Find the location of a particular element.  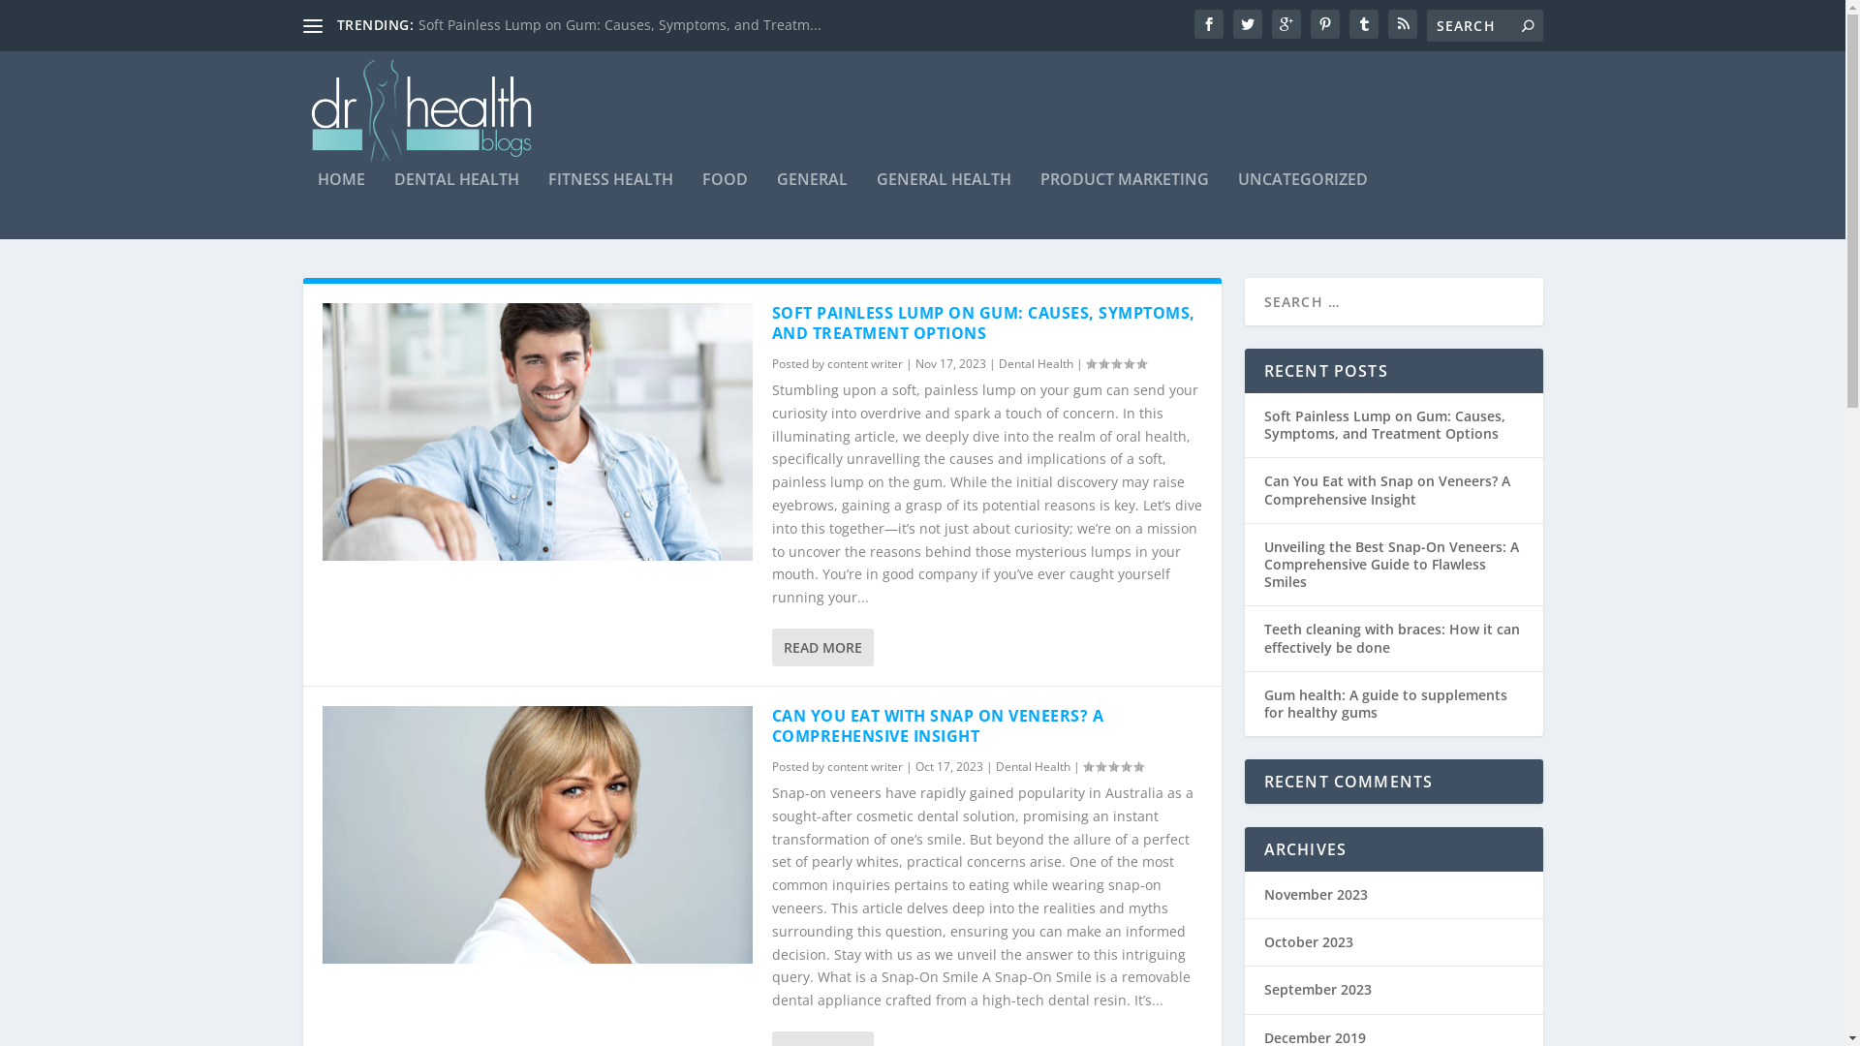

'GENERAL' is located at coordinates (812, 205).